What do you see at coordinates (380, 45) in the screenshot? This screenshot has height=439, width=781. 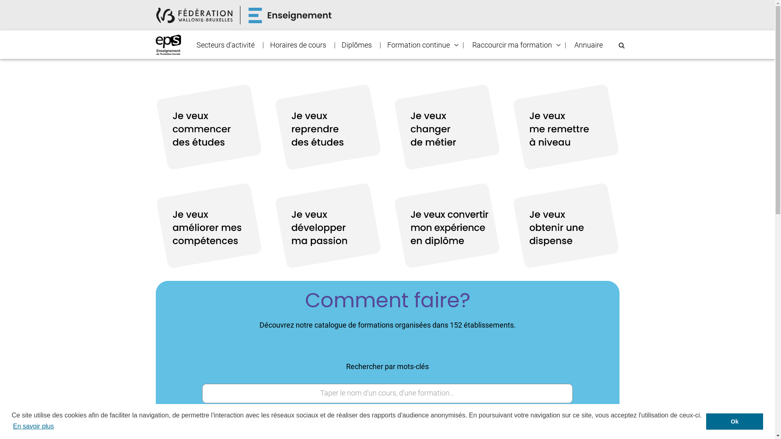 I see `'Formation continue'` at bounding box center [380, 45].